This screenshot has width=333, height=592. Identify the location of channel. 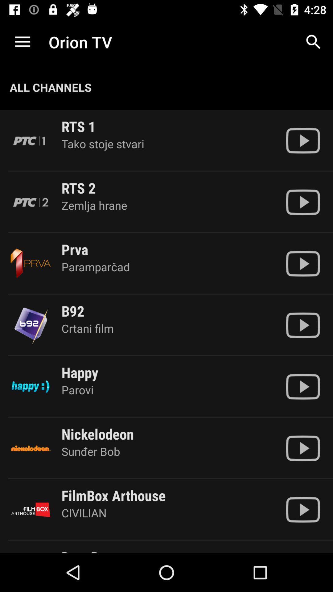
(302, 140).